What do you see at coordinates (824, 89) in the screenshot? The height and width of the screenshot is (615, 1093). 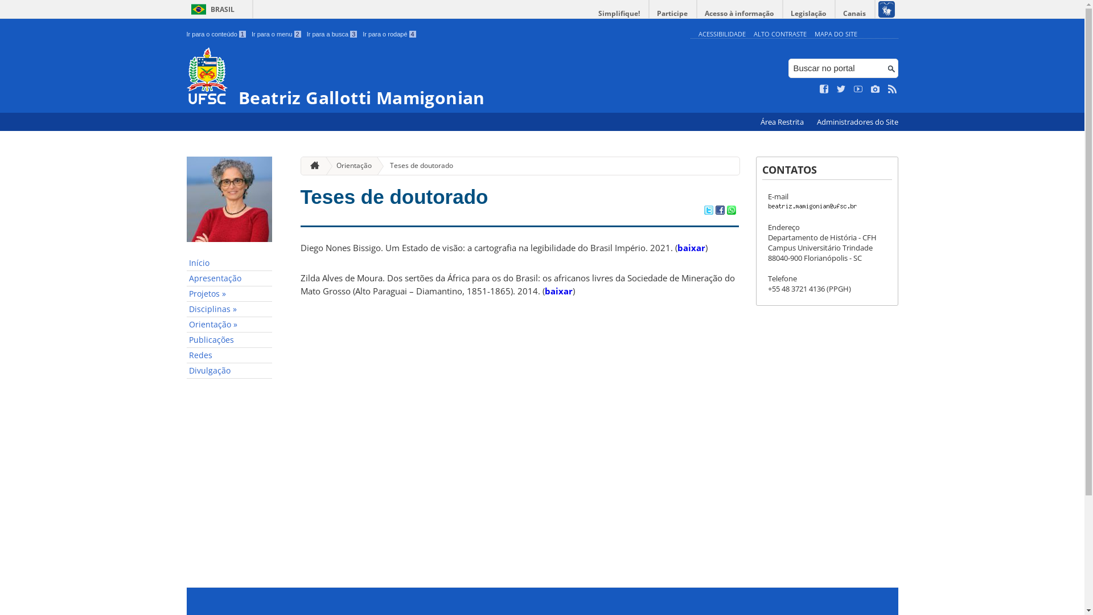 I see `'Curta no Facebook'` at bounding box center [824, 89].